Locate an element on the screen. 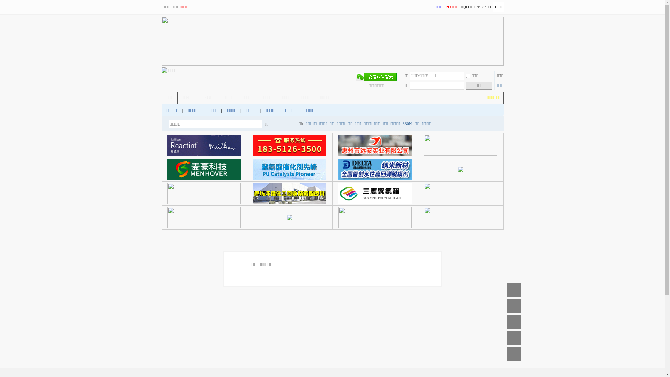 This screenshot has width=670, height=377. '330N' is located at coordinates (407, 123).